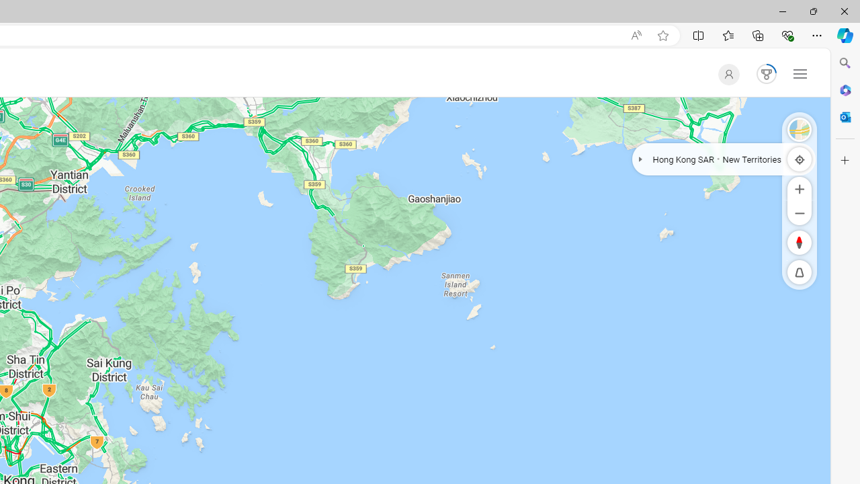 The image size is (860, 484). Describe the element at coordinates (640, 158) in the screenshot. I see `'Expand/Collapse Geochain'` at that location.